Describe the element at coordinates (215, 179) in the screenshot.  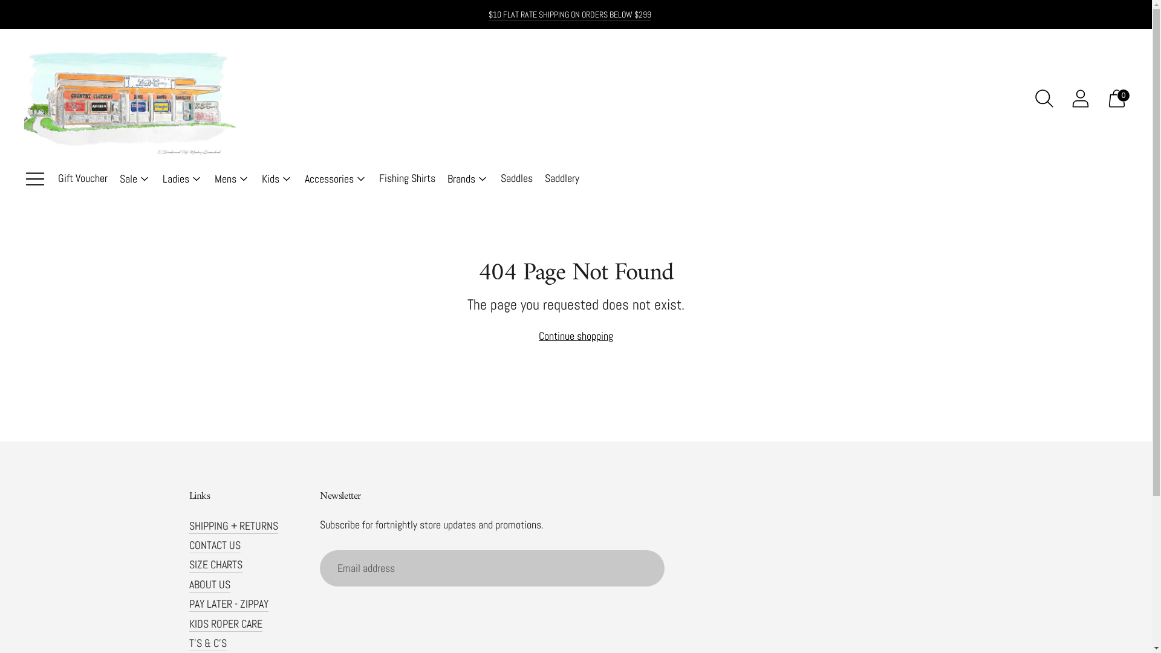
I see `'Mens'` at that location.